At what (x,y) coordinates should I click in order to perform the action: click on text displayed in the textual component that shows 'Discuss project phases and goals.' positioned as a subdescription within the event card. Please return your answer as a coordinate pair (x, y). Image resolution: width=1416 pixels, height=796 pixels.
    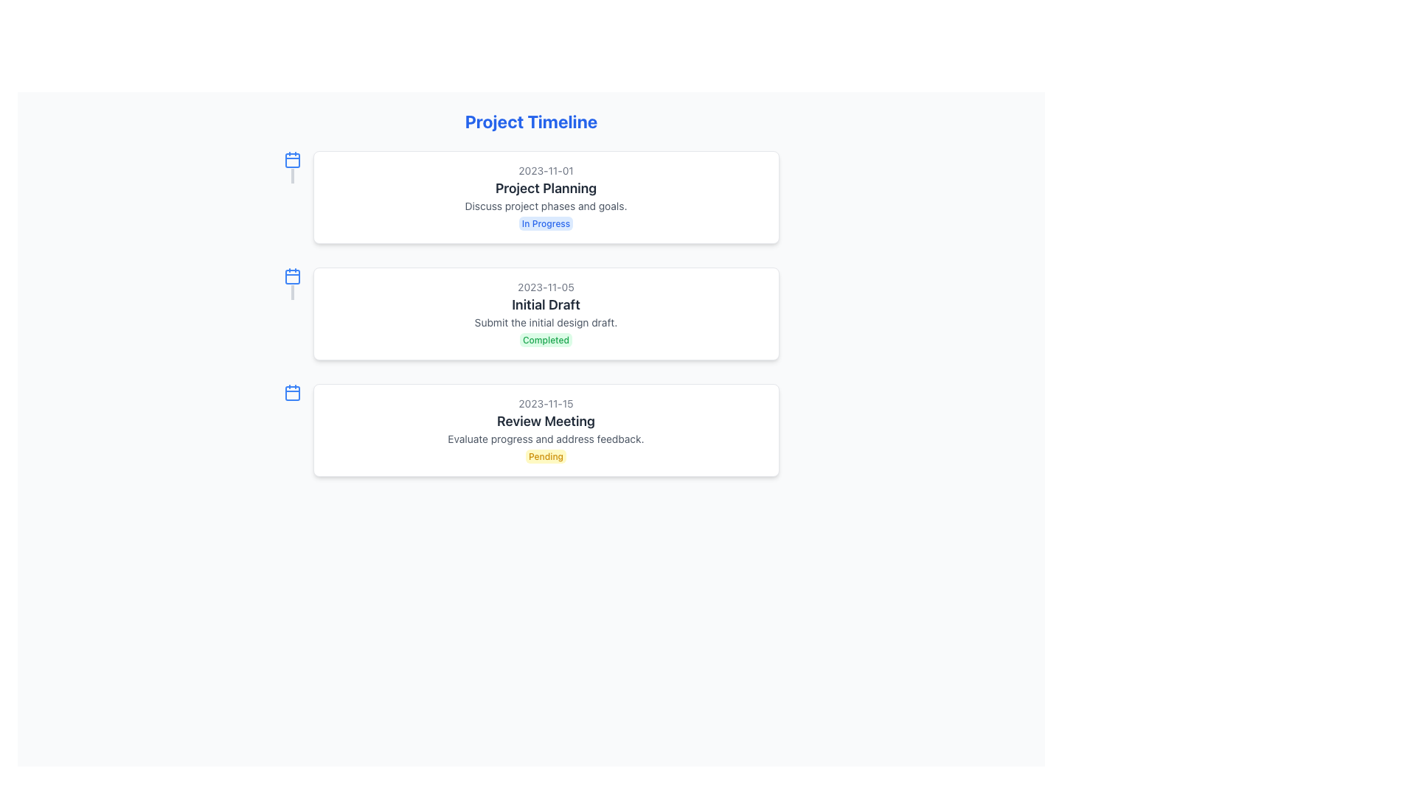
    Looking at the image, I should click on (545, 206).